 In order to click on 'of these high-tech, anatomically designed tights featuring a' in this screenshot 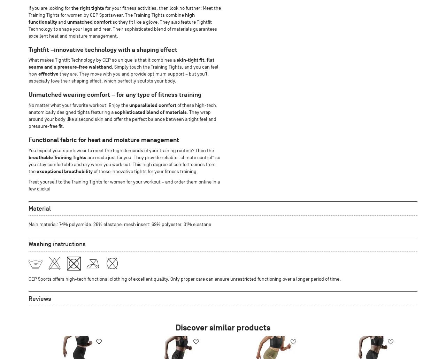, I will do `click(123, 108)`.